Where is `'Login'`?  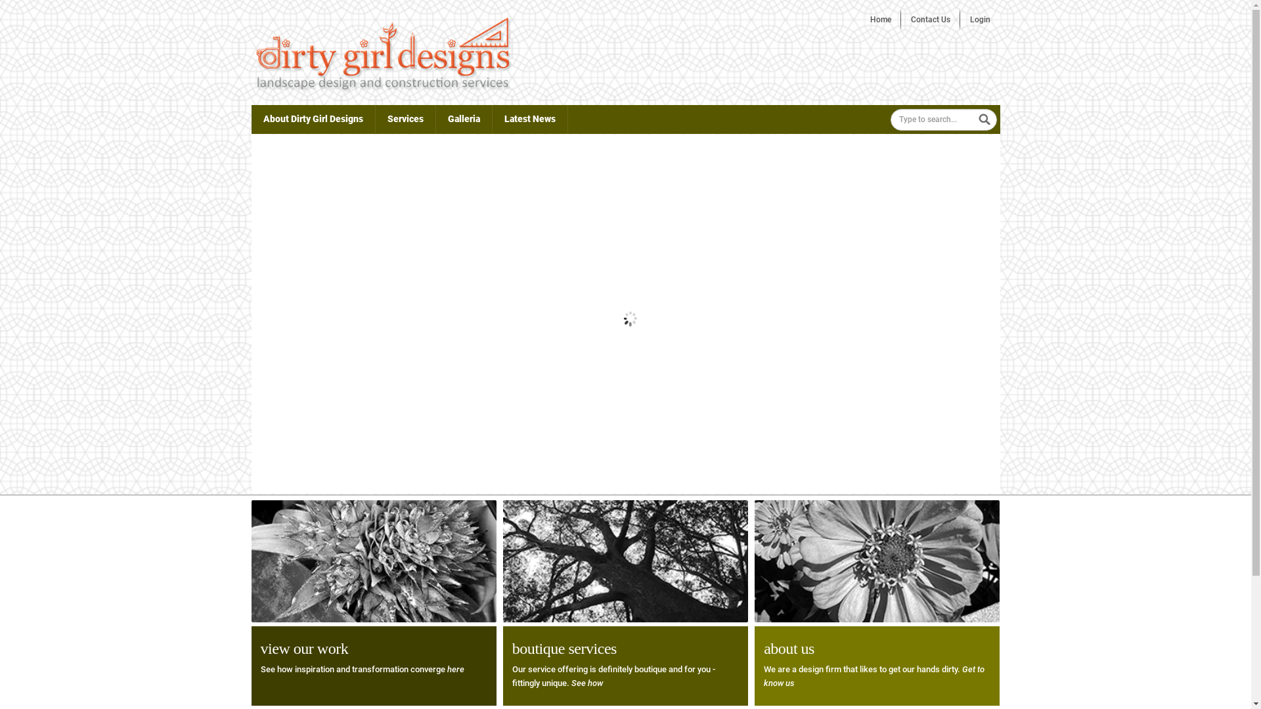
'Login' is located at coordinates (980, 20).